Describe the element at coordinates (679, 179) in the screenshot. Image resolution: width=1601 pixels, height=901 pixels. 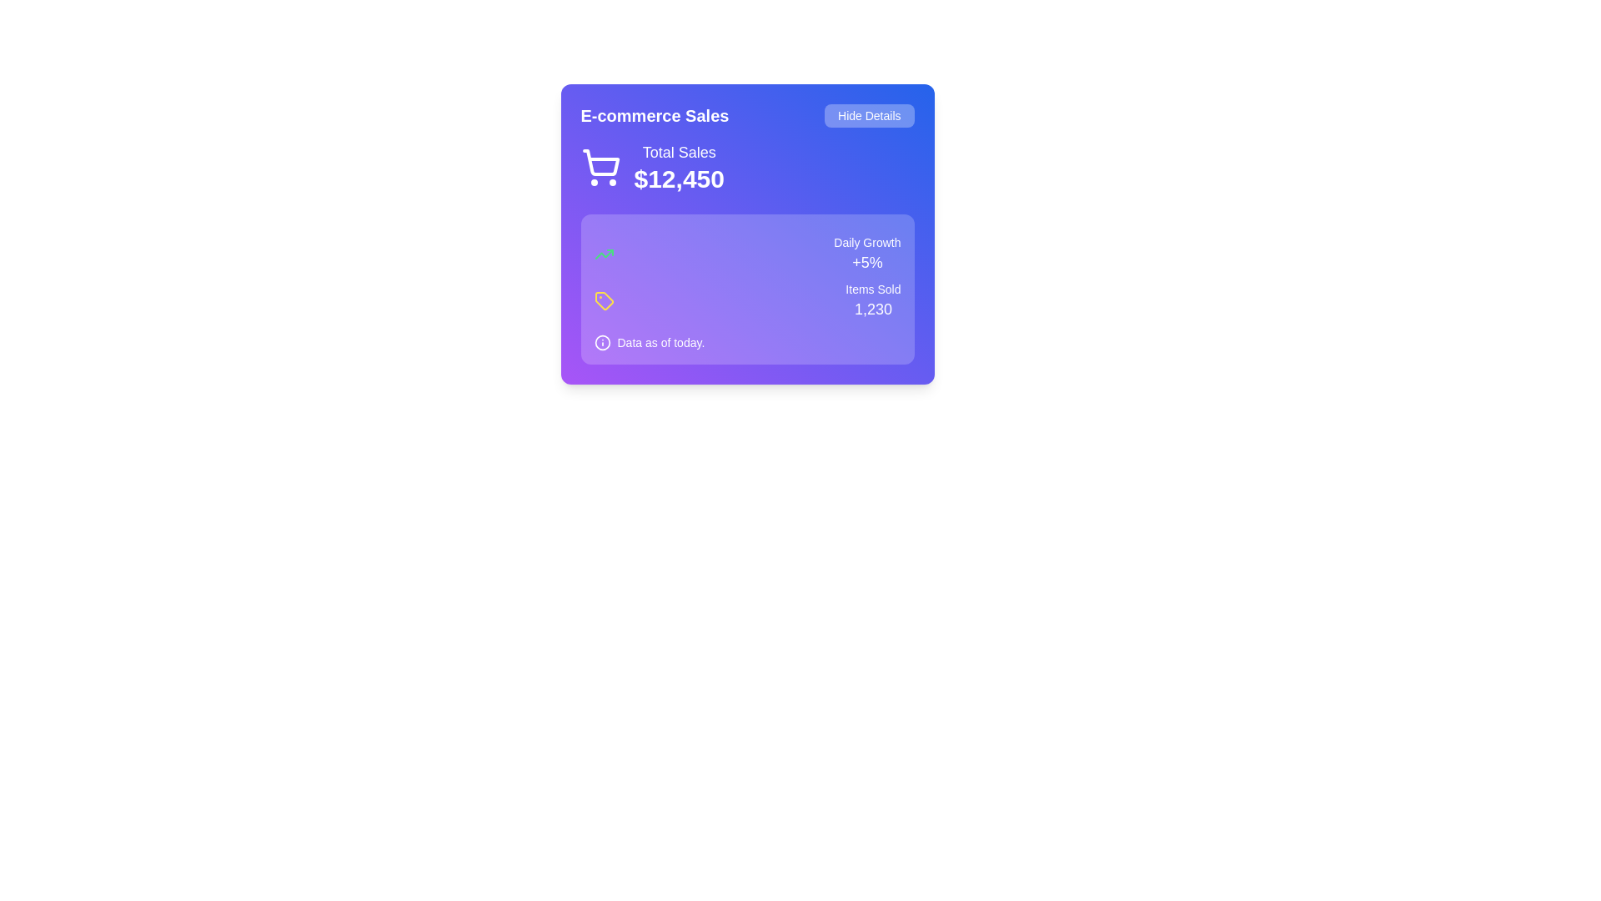
I see `the Static Text Display that shows the total sales amount, which is centrally located beneath the 'Total Sales' label` at that location.